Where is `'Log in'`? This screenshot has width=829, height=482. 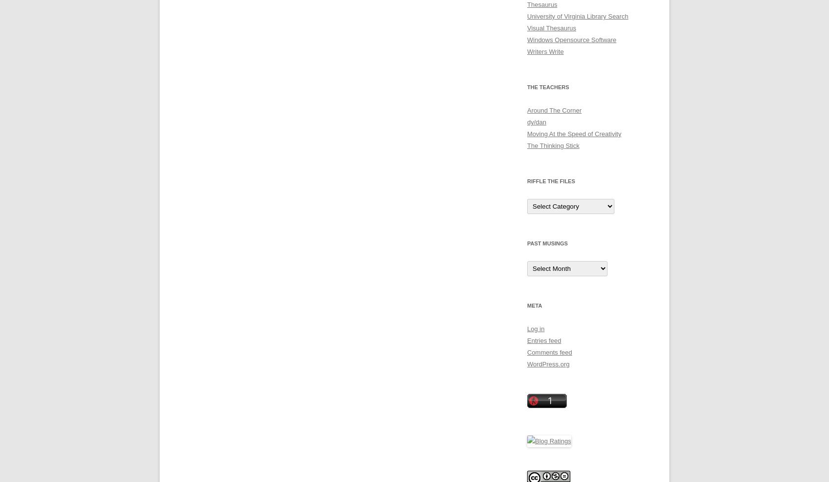
'Log in' is located at coordinates (527, 329).